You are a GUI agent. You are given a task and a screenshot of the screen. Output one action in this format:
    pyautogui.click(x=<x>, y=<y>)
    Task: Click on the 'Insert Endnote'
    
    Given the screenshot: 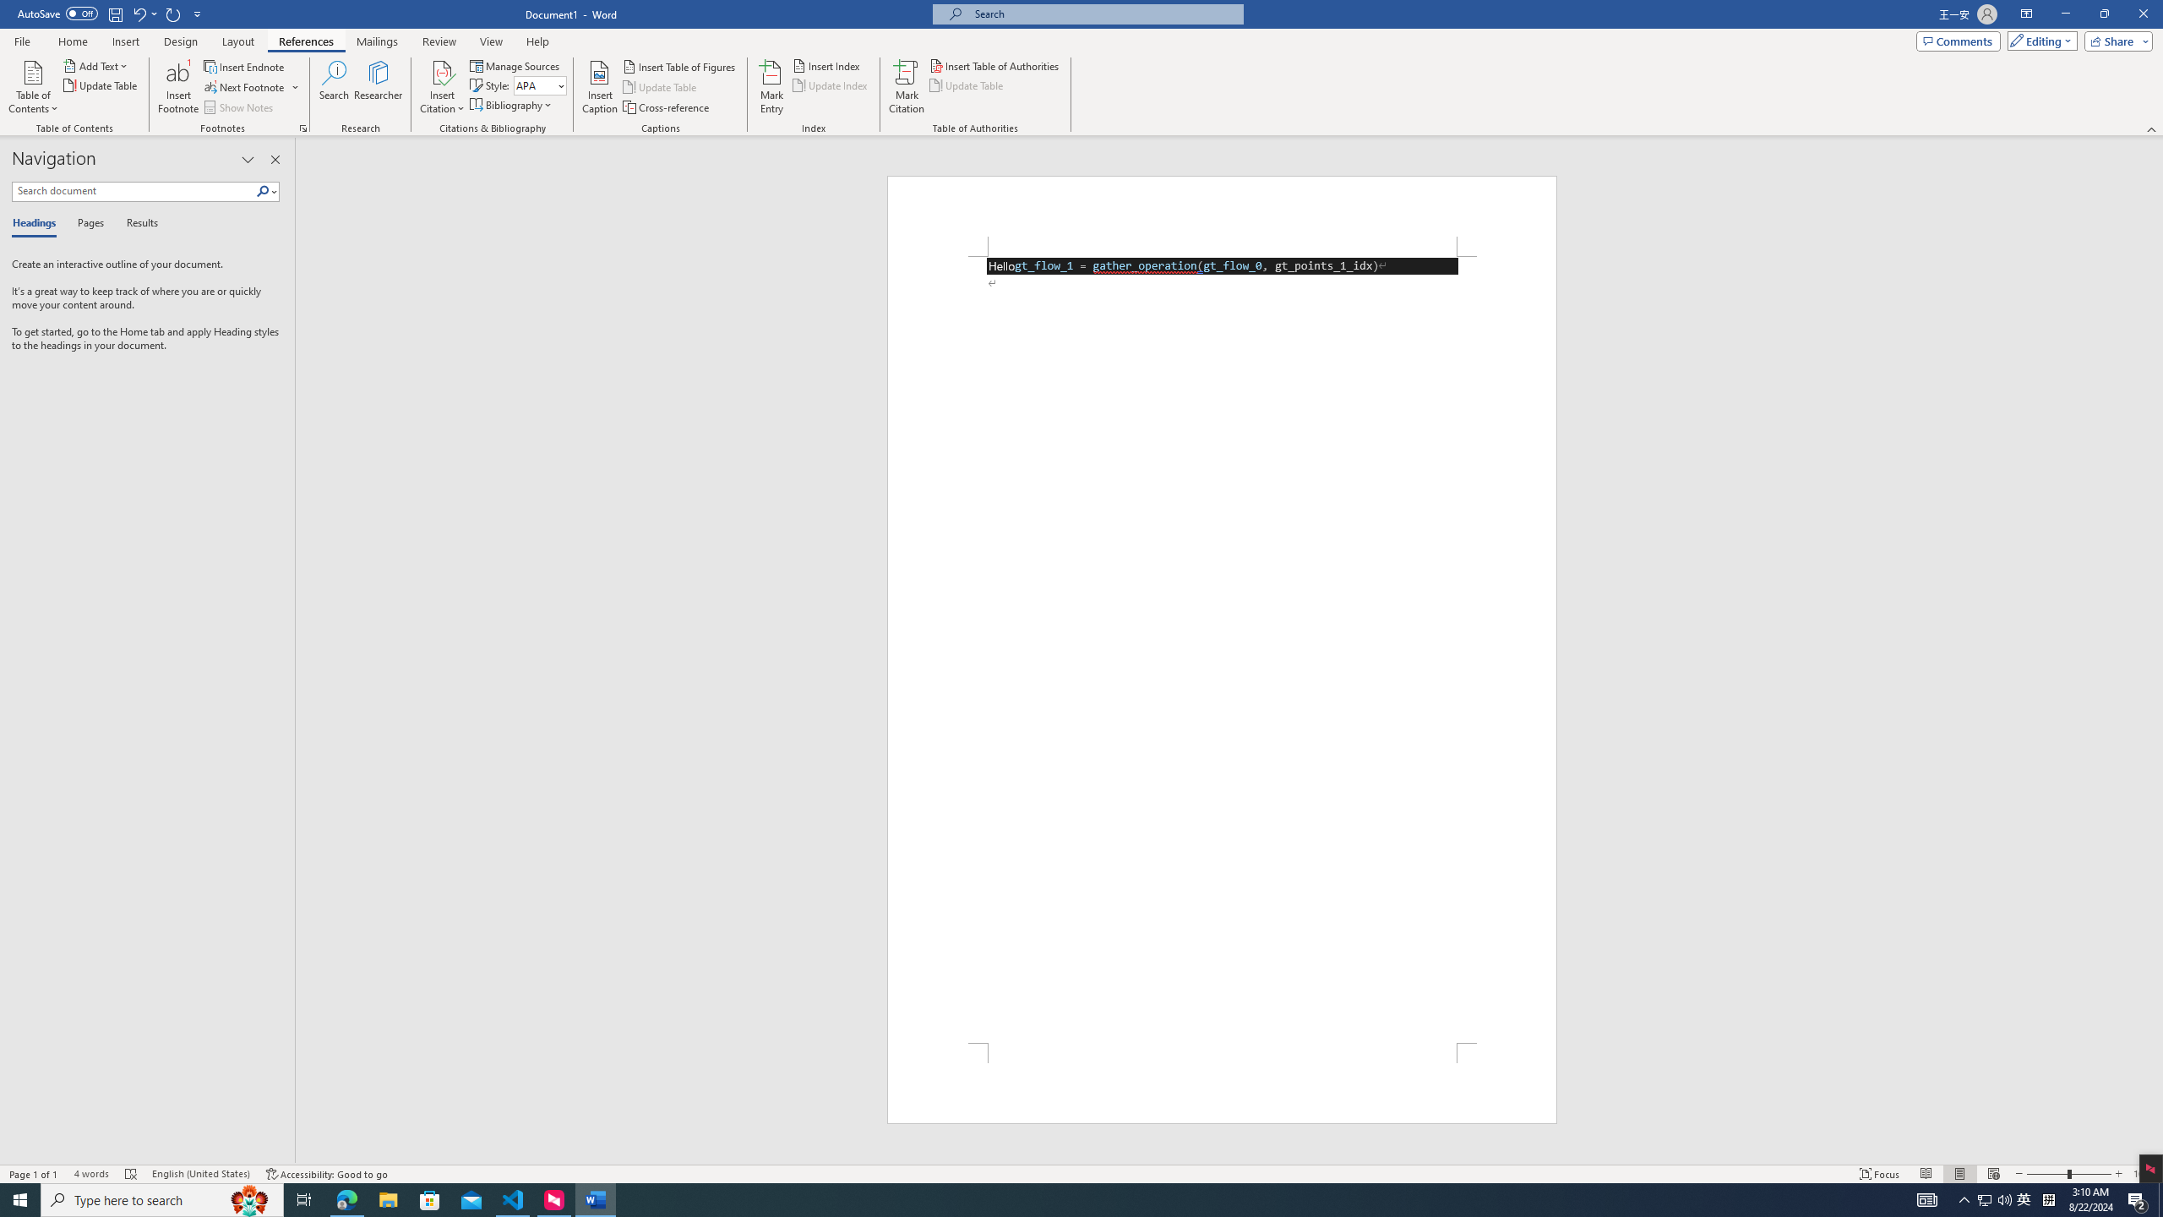 What is the action you would take?
    pyautogui.click(x=244, y=66)
    